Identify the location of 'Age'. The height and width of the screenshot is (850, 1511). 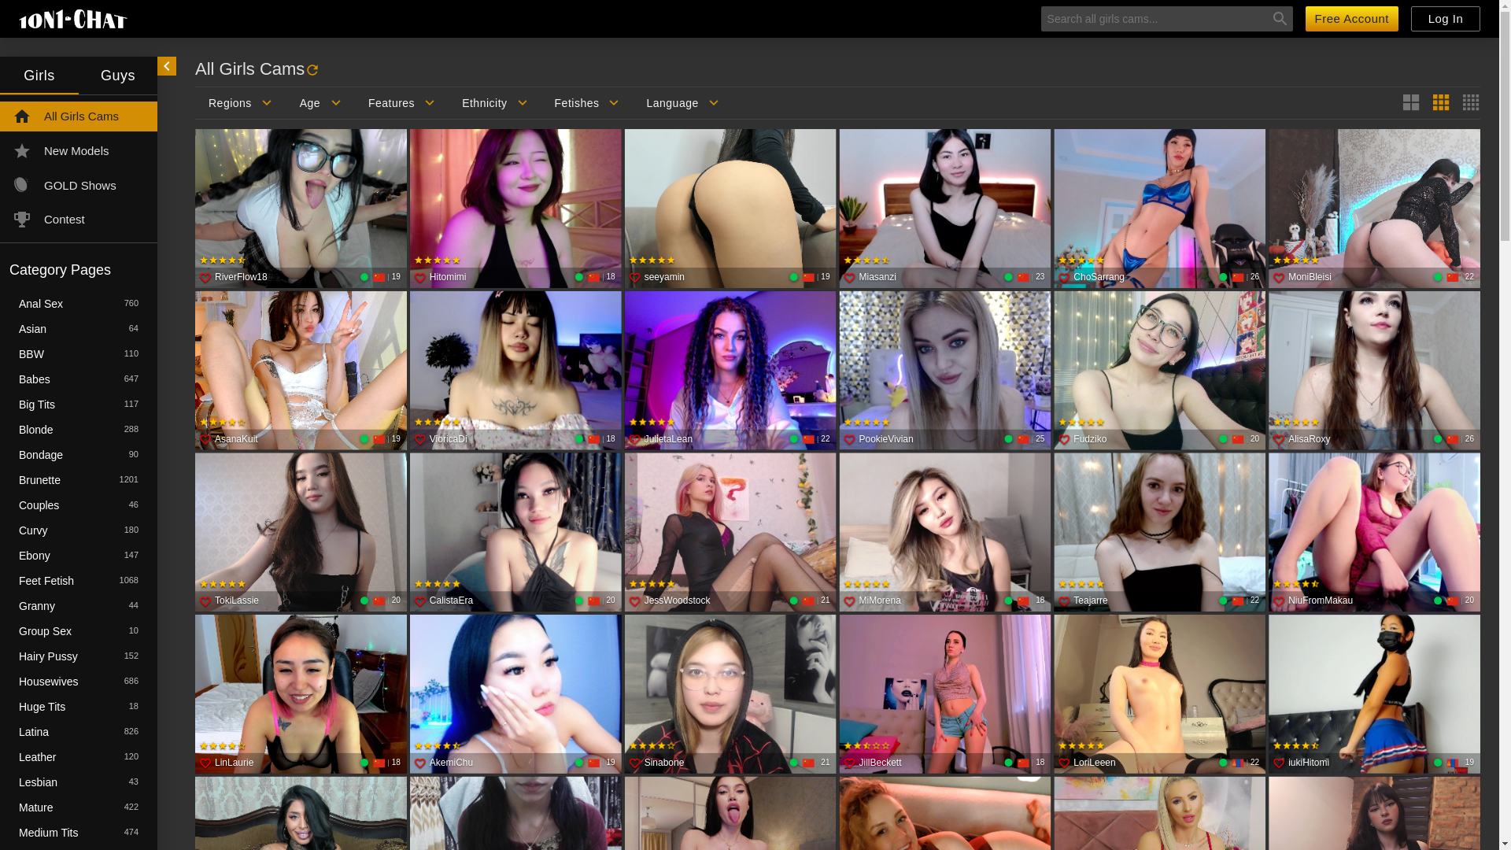
(320, 103).